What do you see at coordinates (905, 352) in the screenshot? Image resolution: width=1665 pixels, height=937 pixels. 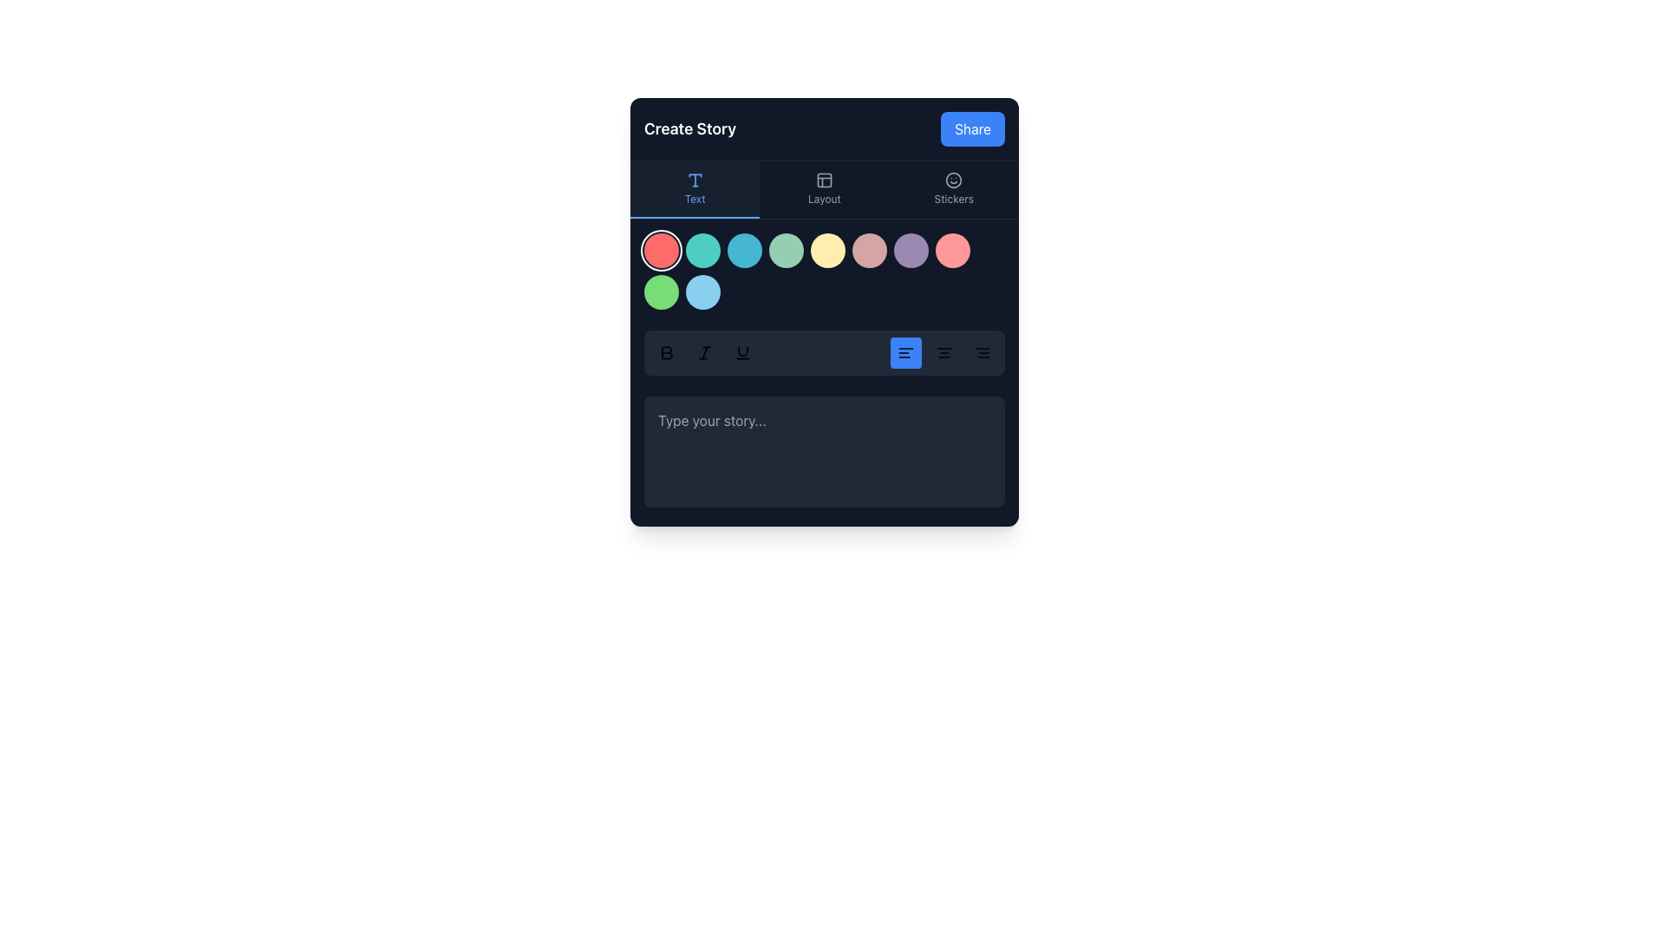 I see `the left-align icon button on the toolbar, which is visually distinct and part of the alignment options group` at bounding box center [905, 352].